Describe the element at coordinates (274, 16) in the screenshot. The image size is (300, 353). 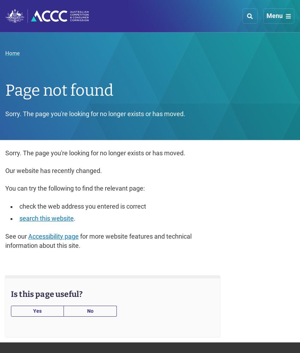
I see `'Menu'` at that location.